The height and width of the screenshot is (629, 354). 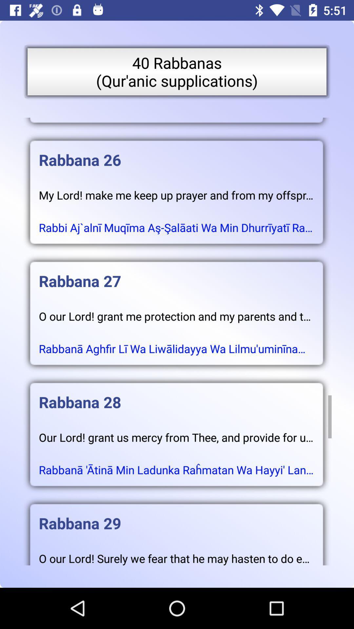 What do you see at coordinates (176, 342) in the screenshot?
I see `icon below o our lord` at bounding box center [176, 342].